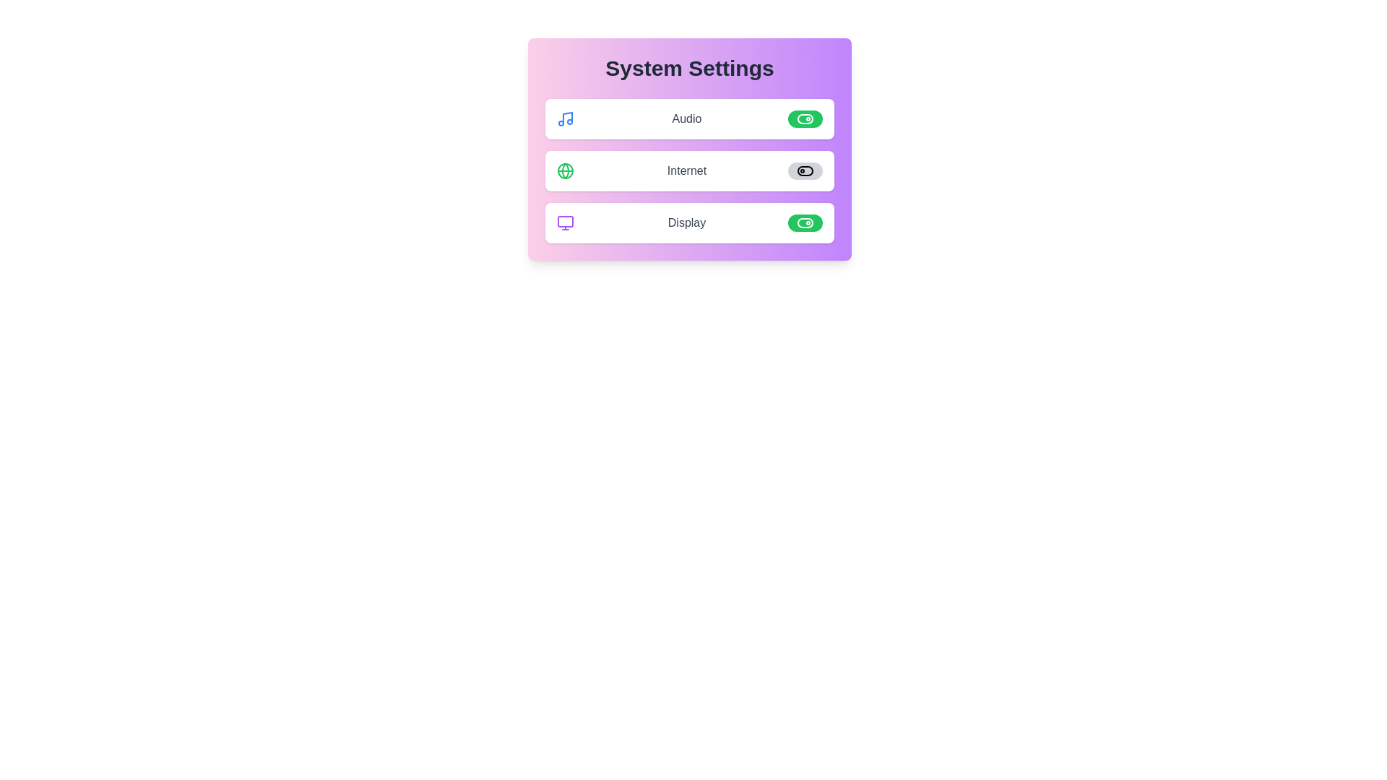 This screenshot has height=780, width=1387. Describe the element at coordinates (564, 118) in the screenshot. I see `the Musical Note icon at the top of the Audio settings section` at that location.